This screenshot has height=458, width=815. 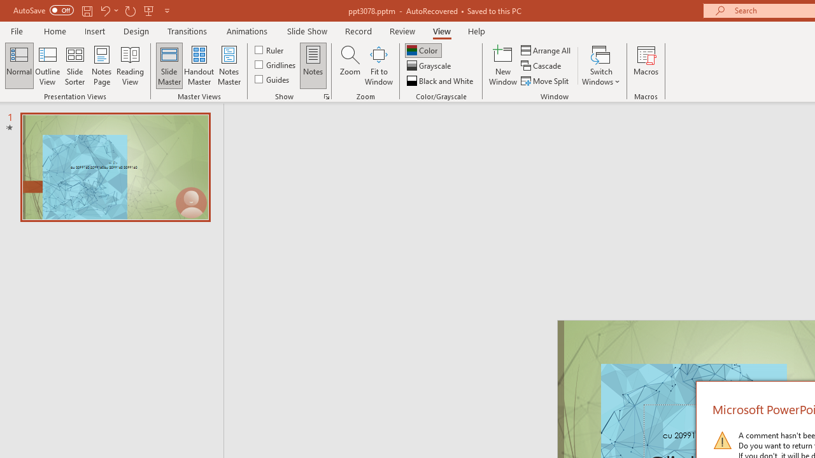 What do you see at coordinates (92, 10) in the screenshot?
I see `'Quick Access Toolbar'` at bounding box center [92, 10].